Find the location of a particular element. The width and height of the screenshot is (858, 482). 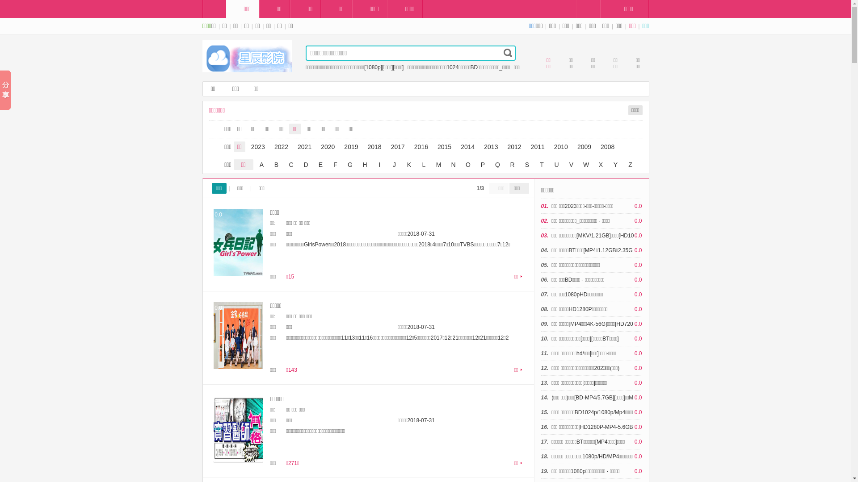

'A' is located at coordinates (261, 165).